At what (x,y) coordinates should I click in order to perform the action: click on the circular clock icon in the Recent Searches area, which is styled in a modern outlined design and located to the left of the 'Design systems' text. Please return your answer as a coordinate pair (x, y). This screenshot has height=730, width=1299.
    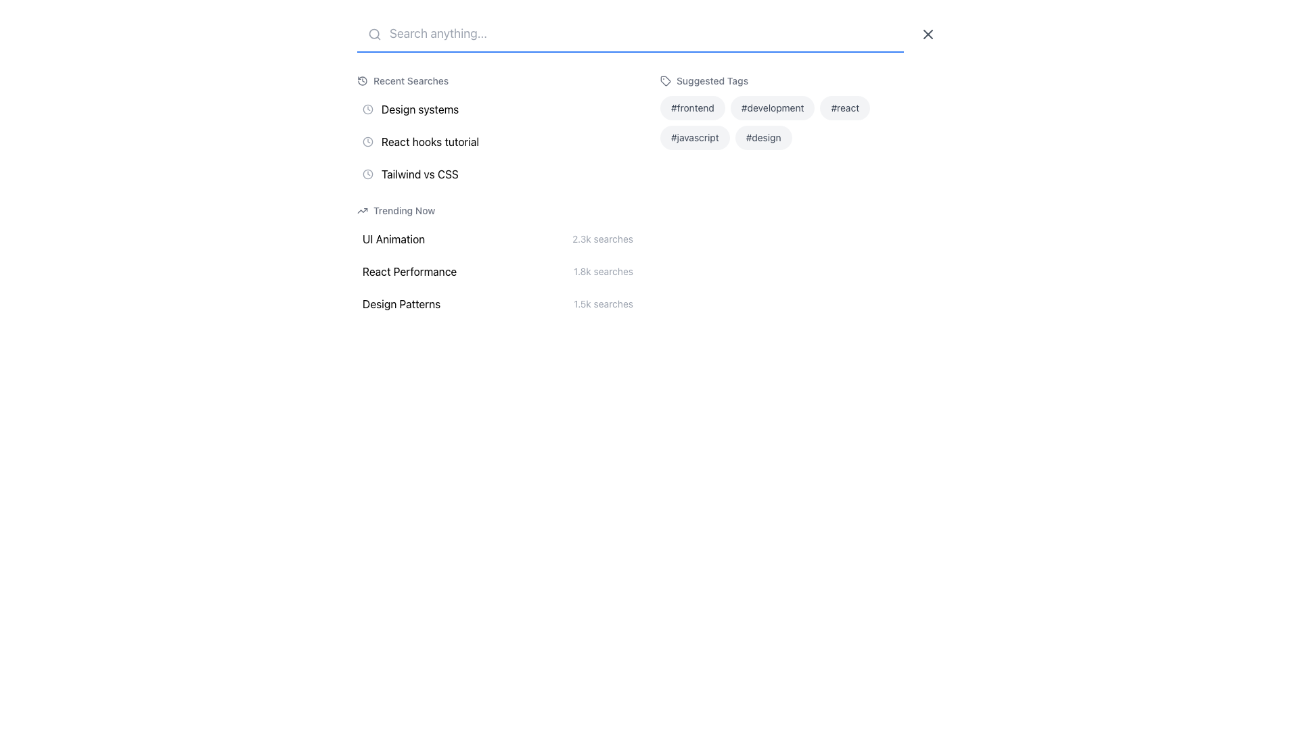
    Looking at the image, I should click on (367, 109).